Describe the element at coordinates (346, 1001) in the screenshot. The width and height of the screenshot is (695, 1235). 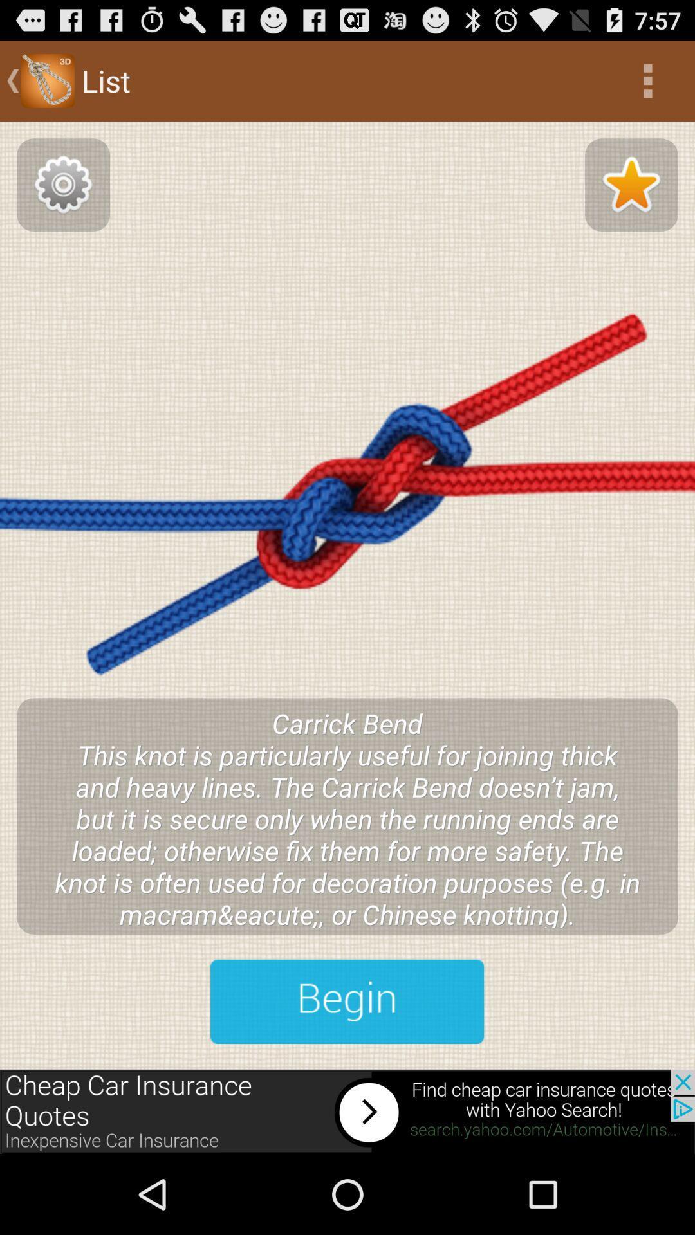
I see `next` at that location.